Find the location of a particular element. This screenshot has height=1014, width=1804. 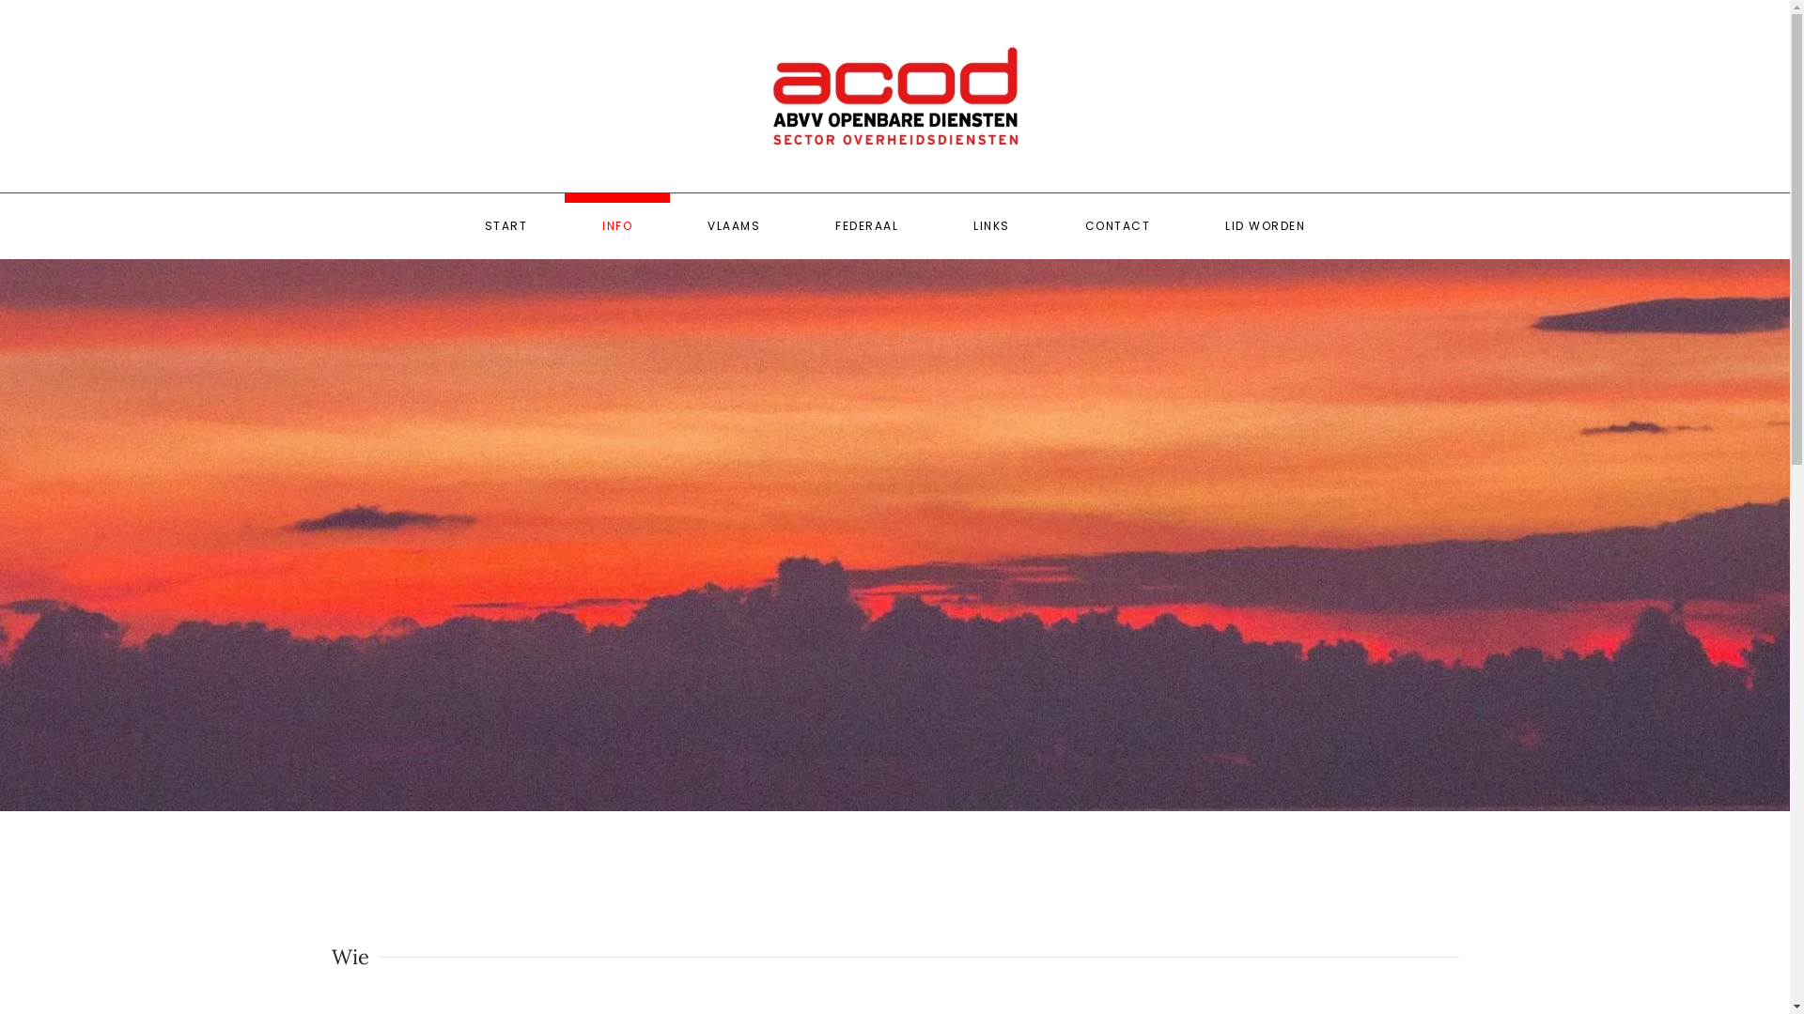

'VLAAMS' is located at coordinates (670, 224).